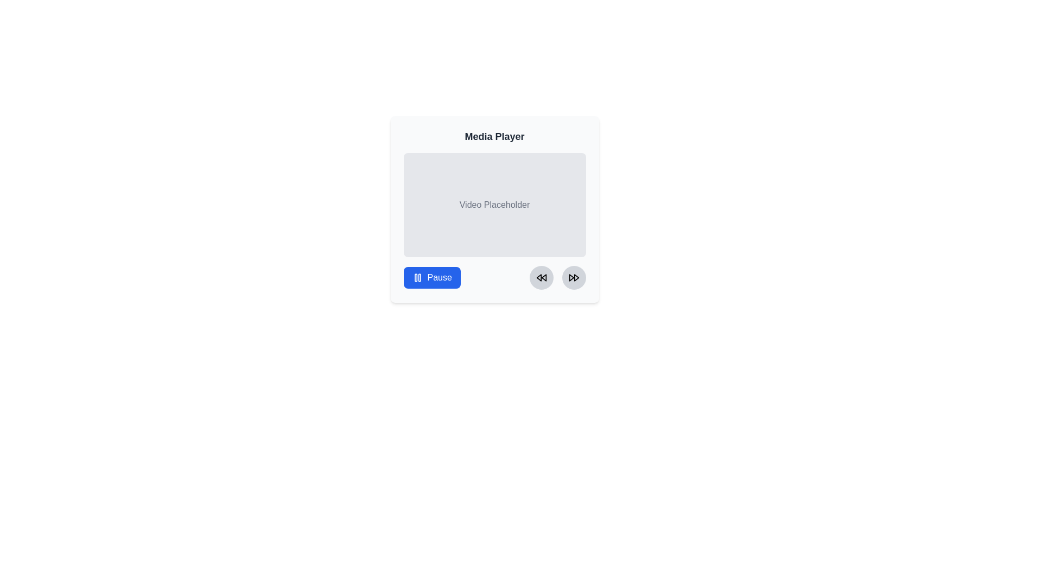 The height and width of the screenshot is (586, 1042). I want to click on the group of navigation buttons located centrally beneath the media playback area, so click(557, 277).